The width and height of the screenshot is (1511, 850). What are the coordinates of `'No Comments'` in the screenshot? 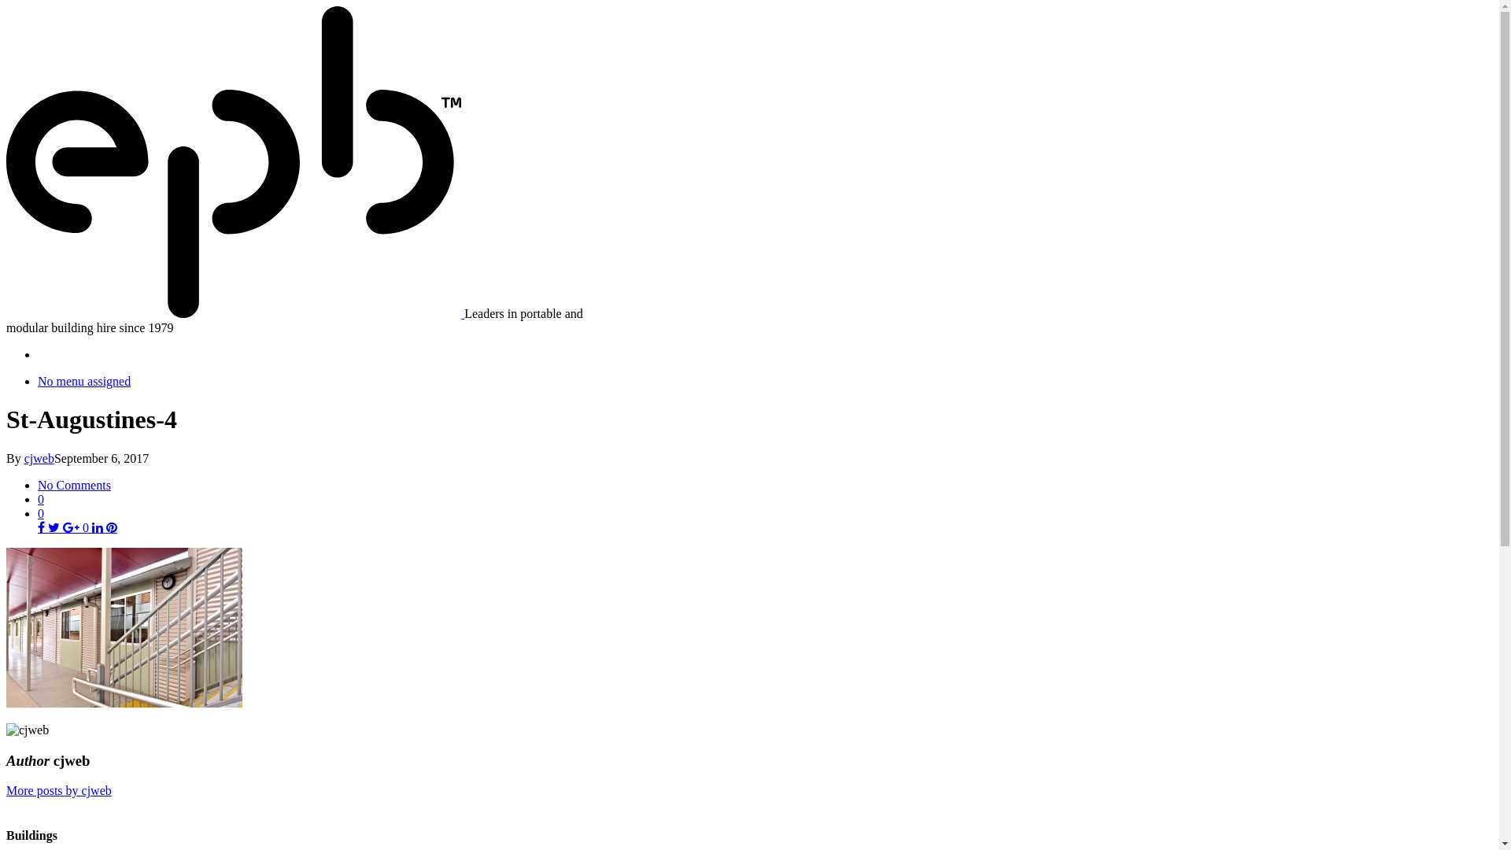 It's located at (73, 484).